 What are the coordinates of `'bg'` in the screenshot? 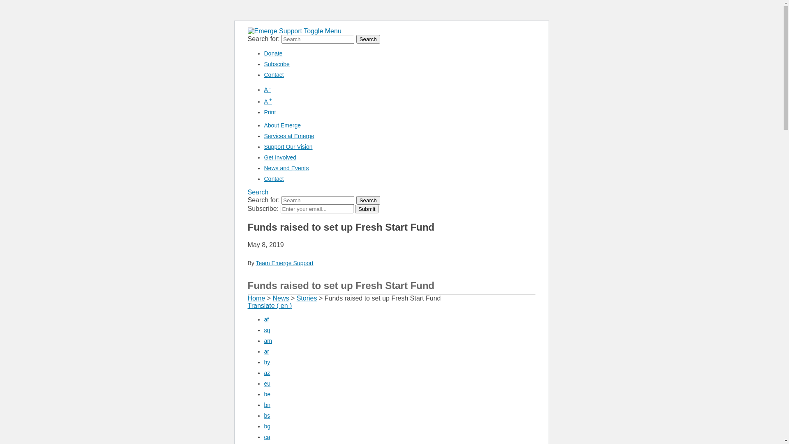 It's located at (264, 426).